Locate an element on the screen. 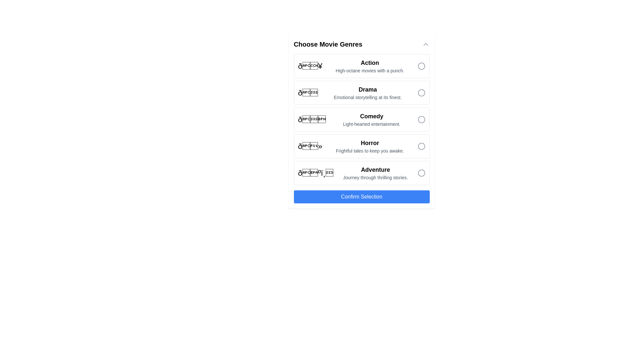  the 'Adventure' movie genre informational label located in the fifth row of the genre options list, positioned between 'Horror' and 'Confirm Selection' is located at coordinates (375, 173).